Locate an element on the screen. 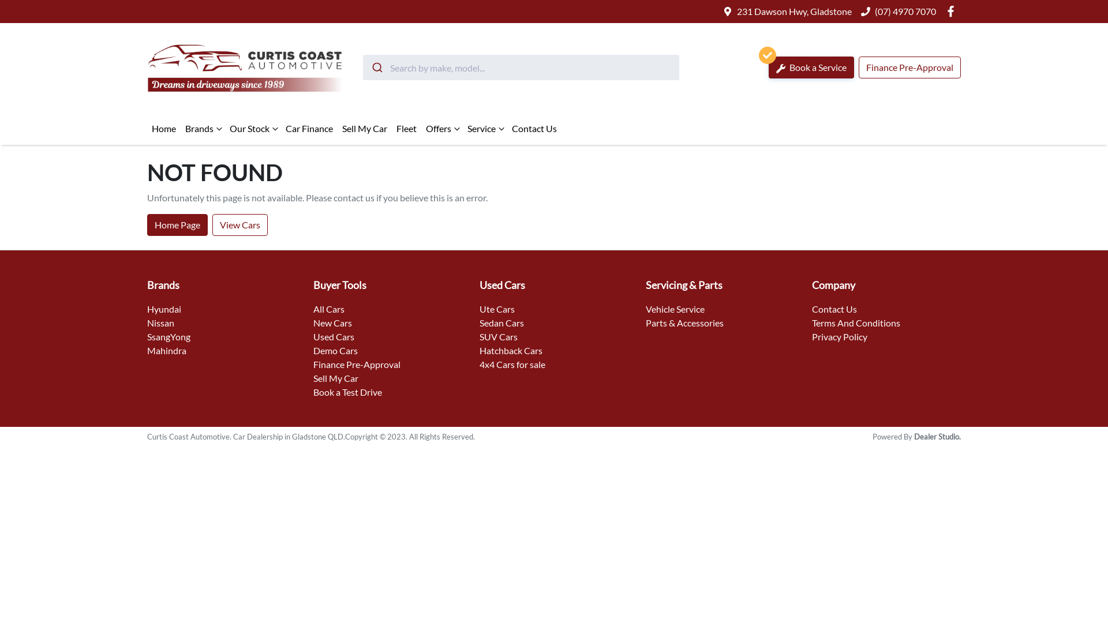 The height and width of the screenshot is (623, 1108). 'Our Stock' is located at coordinates (252, 129).